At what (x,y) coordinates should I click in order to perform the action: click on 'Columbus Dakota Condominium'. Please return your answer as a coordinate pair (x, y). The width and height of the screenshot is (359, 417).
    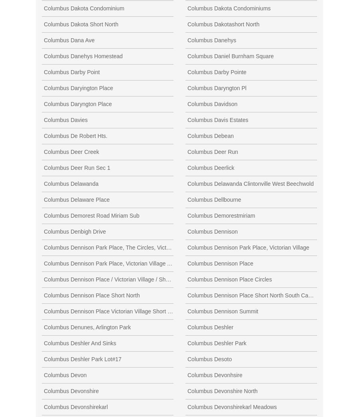
    Looking at the image, I should click on (84, 7).